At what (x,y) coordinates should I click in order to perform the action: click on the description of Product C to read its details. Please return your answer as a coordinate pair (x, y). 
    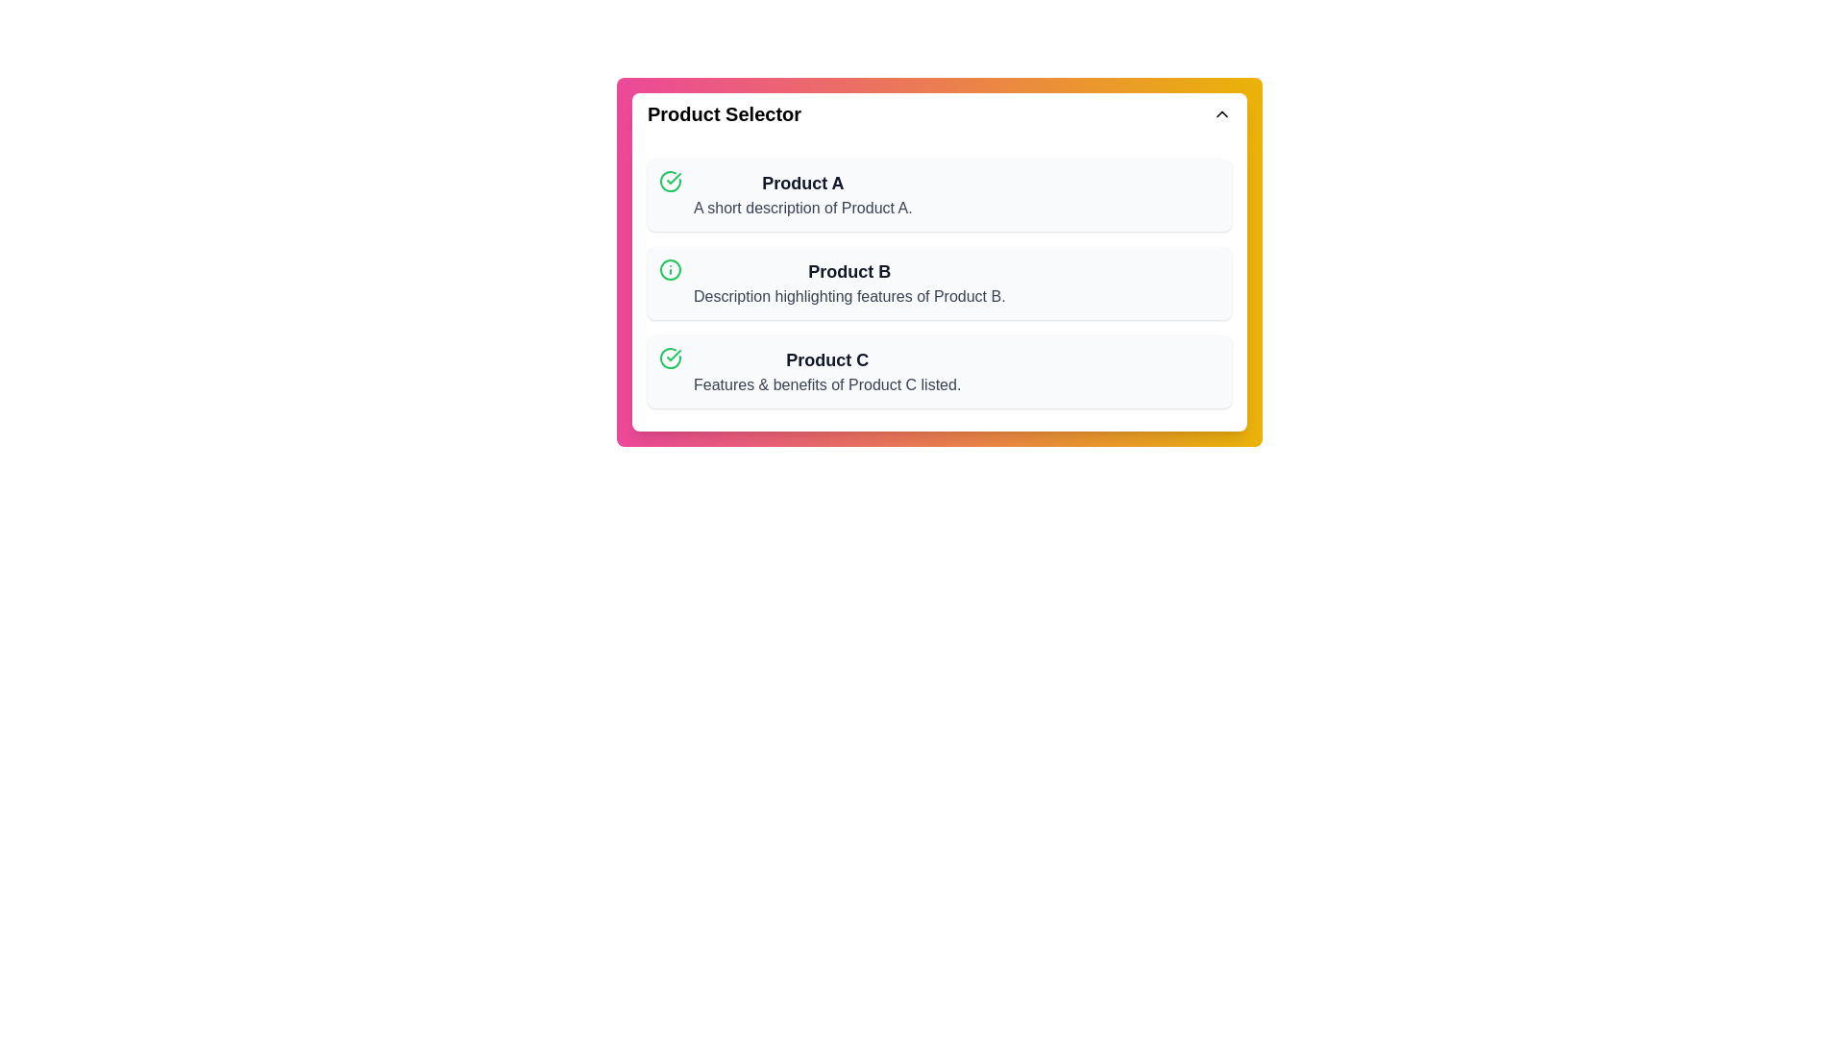
    Looking at the image, I should click on (826, 371).